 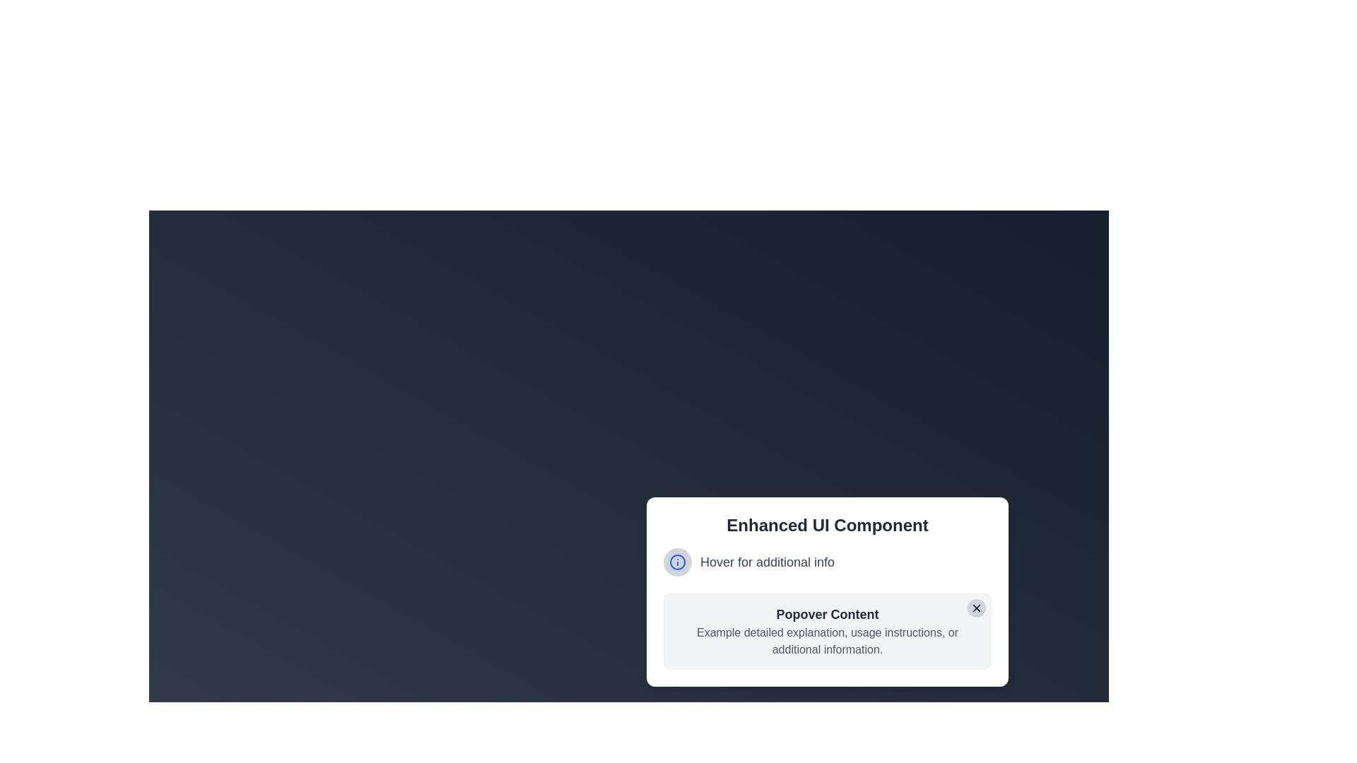 I want to click on the text label that serves as a title or header for the content in the popover section, which is located within a gray-filled section and is the first text item above another text with a lighter gray color, so click(x=828, y=614).